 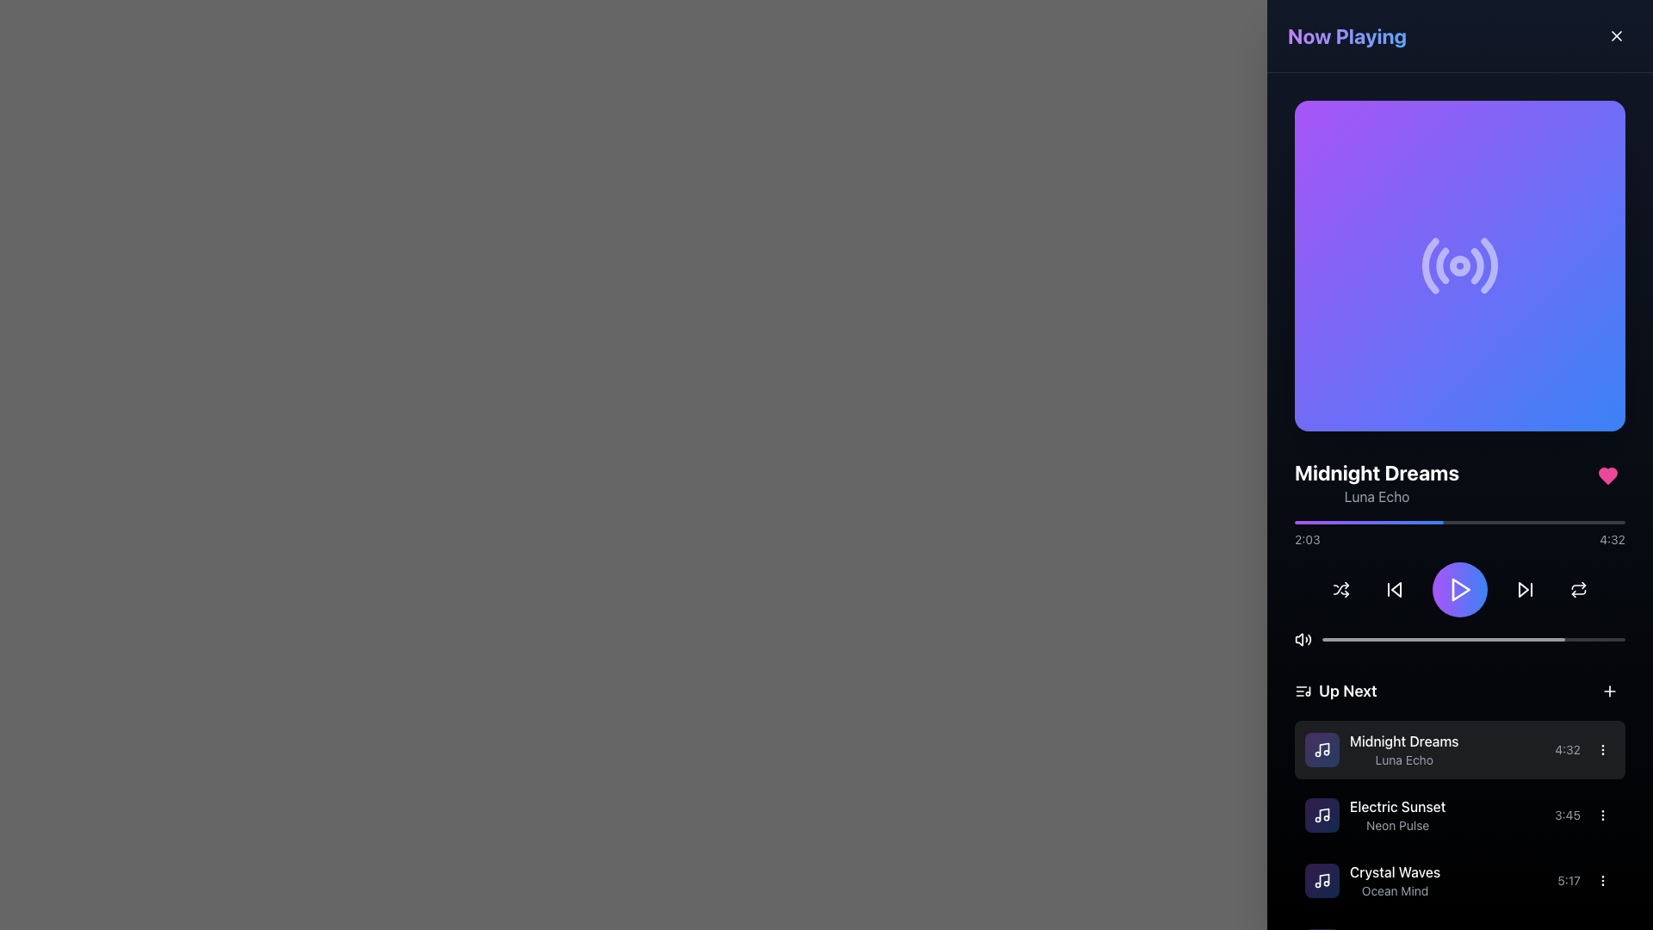 I want to click on playback position, so click(x=1510, y=640).